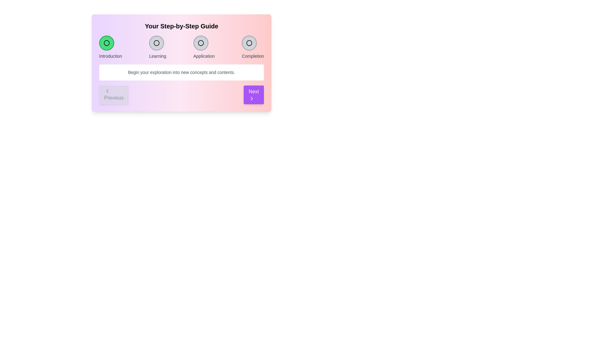 The height and width of the screenshot is (337, 599). What do you see at coordinates (201, 43) in the screenshot?
I see `the circular icon with a hollow center and outline, which is the third icon in a horizontal sequence of four icons` at bounding box center [201, 43].